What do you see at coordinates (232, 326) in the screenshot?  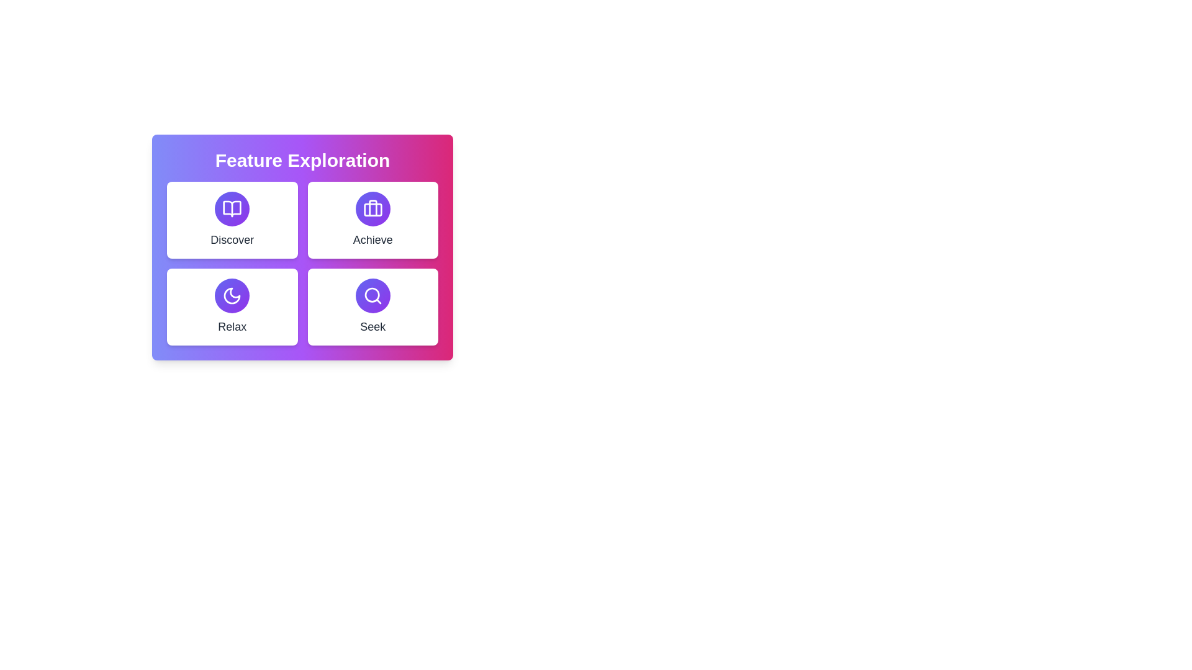 I see `the 'Relax' text label, which is styled in a medium-sized font and positioned at the bottom-left corner below a moon icon` at bounding box center [232, 326].